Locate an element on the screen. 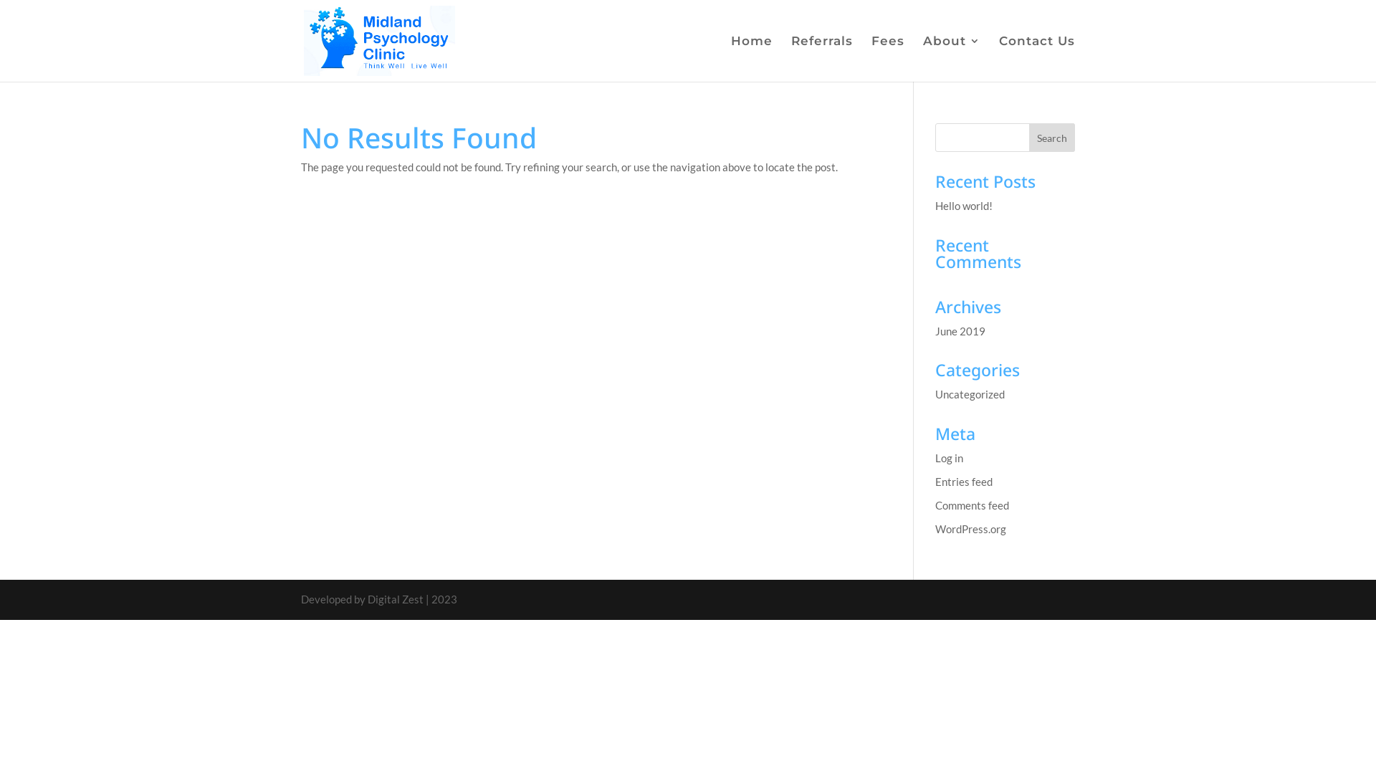 The width and height of the screenshot is (1376, 774). 'Comments feed' is located at coordinates (972, 505).